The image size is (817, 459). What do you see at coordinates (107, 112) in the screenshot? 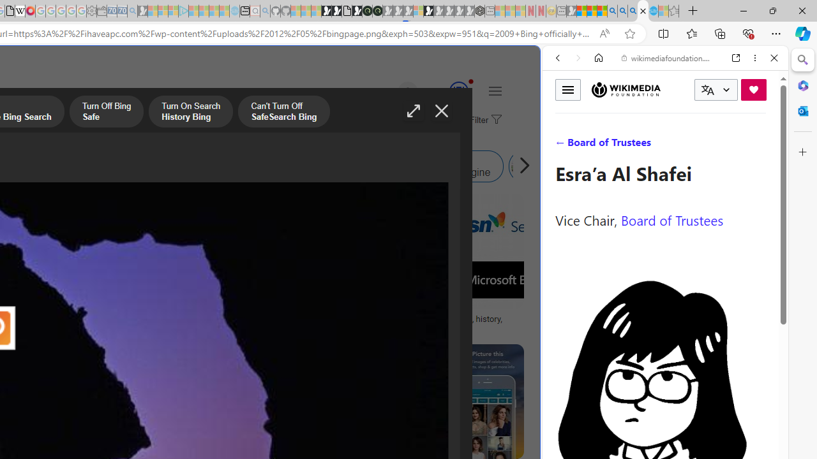
I see `'Turn Off Bing Safe'` at bounding box center [107, 112].